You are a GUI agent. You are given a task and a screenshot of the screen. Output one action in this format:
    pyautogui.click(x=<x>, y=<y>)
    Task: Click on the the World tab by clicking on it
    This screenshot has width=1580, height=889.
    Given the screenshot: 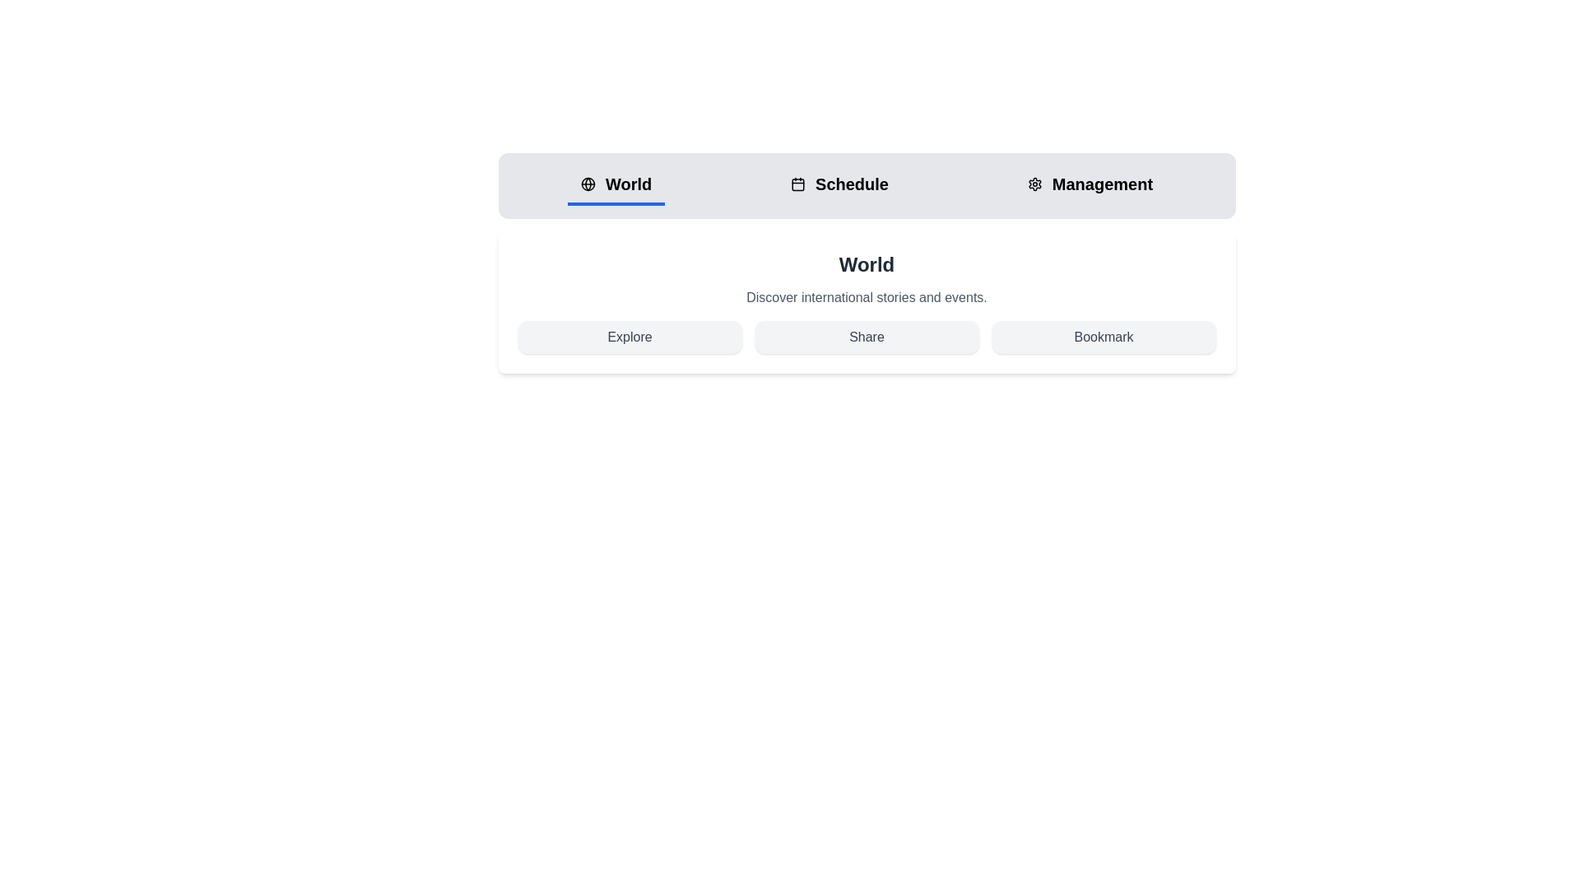 What is the action you would take?
    pyautogui.click(x=615, y=185)
    